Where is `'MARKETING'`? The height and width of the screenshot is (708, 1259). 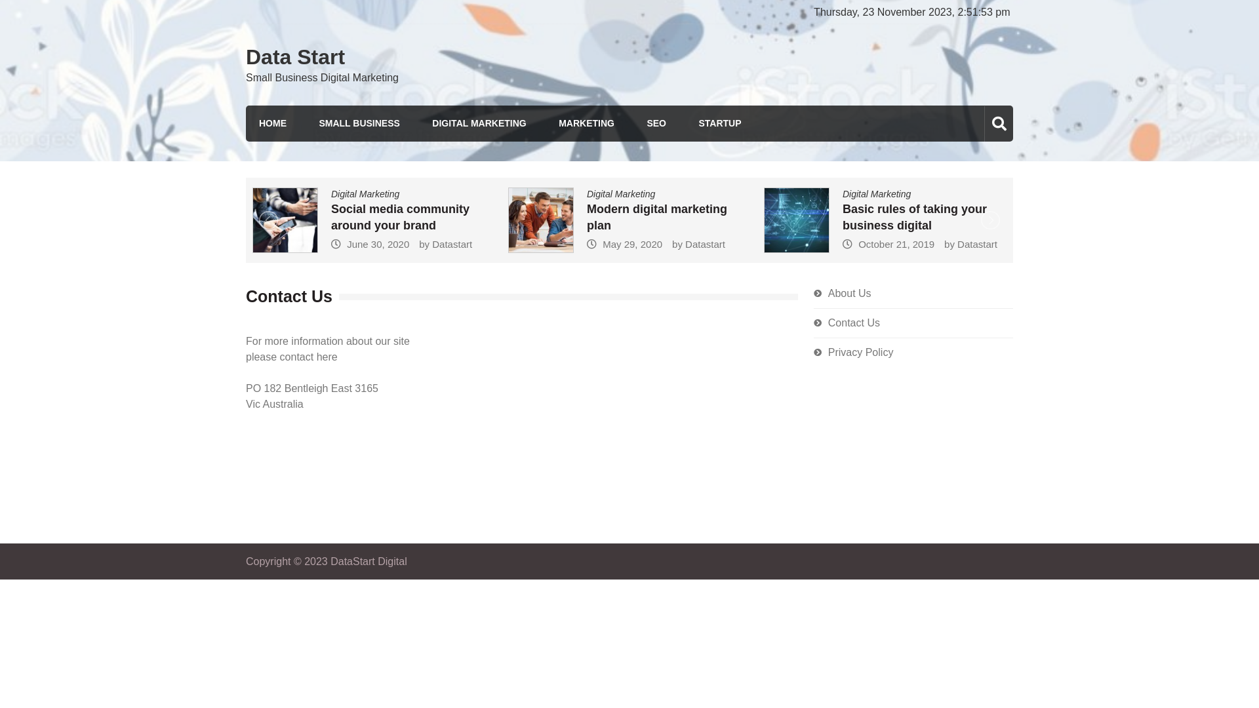
'MARKETING' is located at coordinates (586, 123).